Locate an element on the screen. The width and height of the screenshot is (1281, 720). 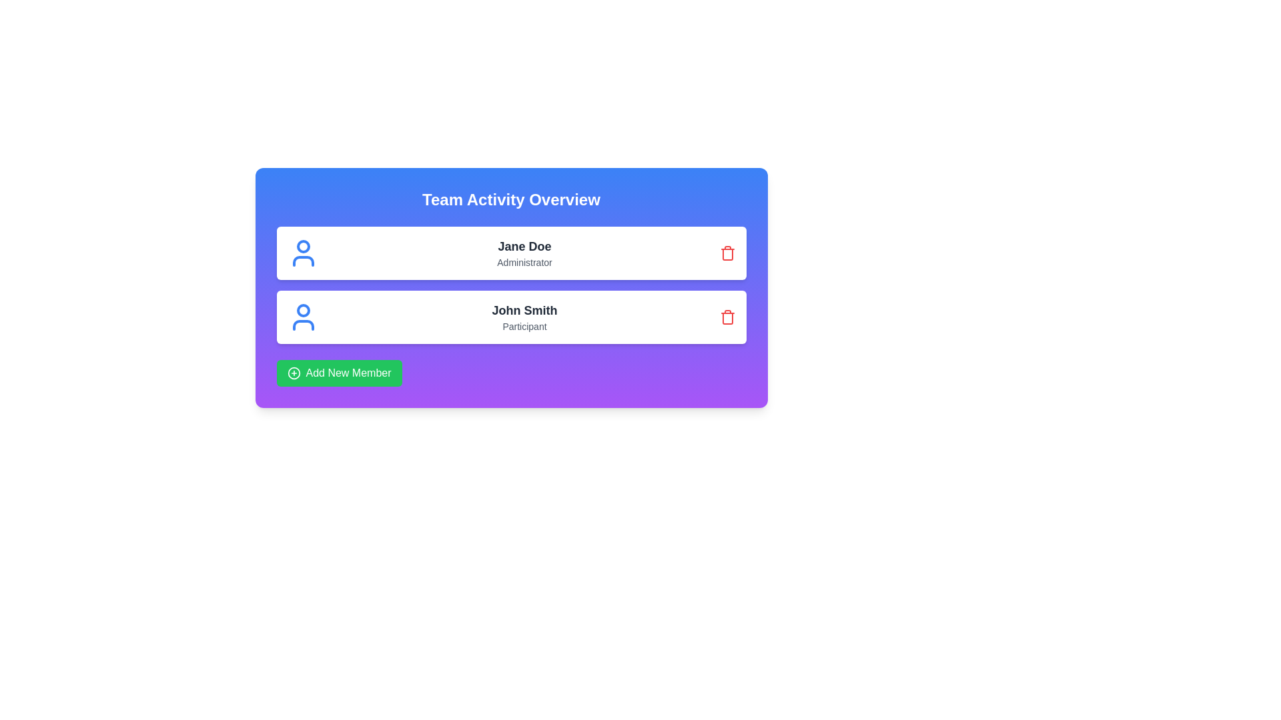
the profile label displaying 'Jane Doe' and 'Administrator', located in the top card of the user list, beside the blue user icon and above the red delete icon is located at coordinates (524, 253).